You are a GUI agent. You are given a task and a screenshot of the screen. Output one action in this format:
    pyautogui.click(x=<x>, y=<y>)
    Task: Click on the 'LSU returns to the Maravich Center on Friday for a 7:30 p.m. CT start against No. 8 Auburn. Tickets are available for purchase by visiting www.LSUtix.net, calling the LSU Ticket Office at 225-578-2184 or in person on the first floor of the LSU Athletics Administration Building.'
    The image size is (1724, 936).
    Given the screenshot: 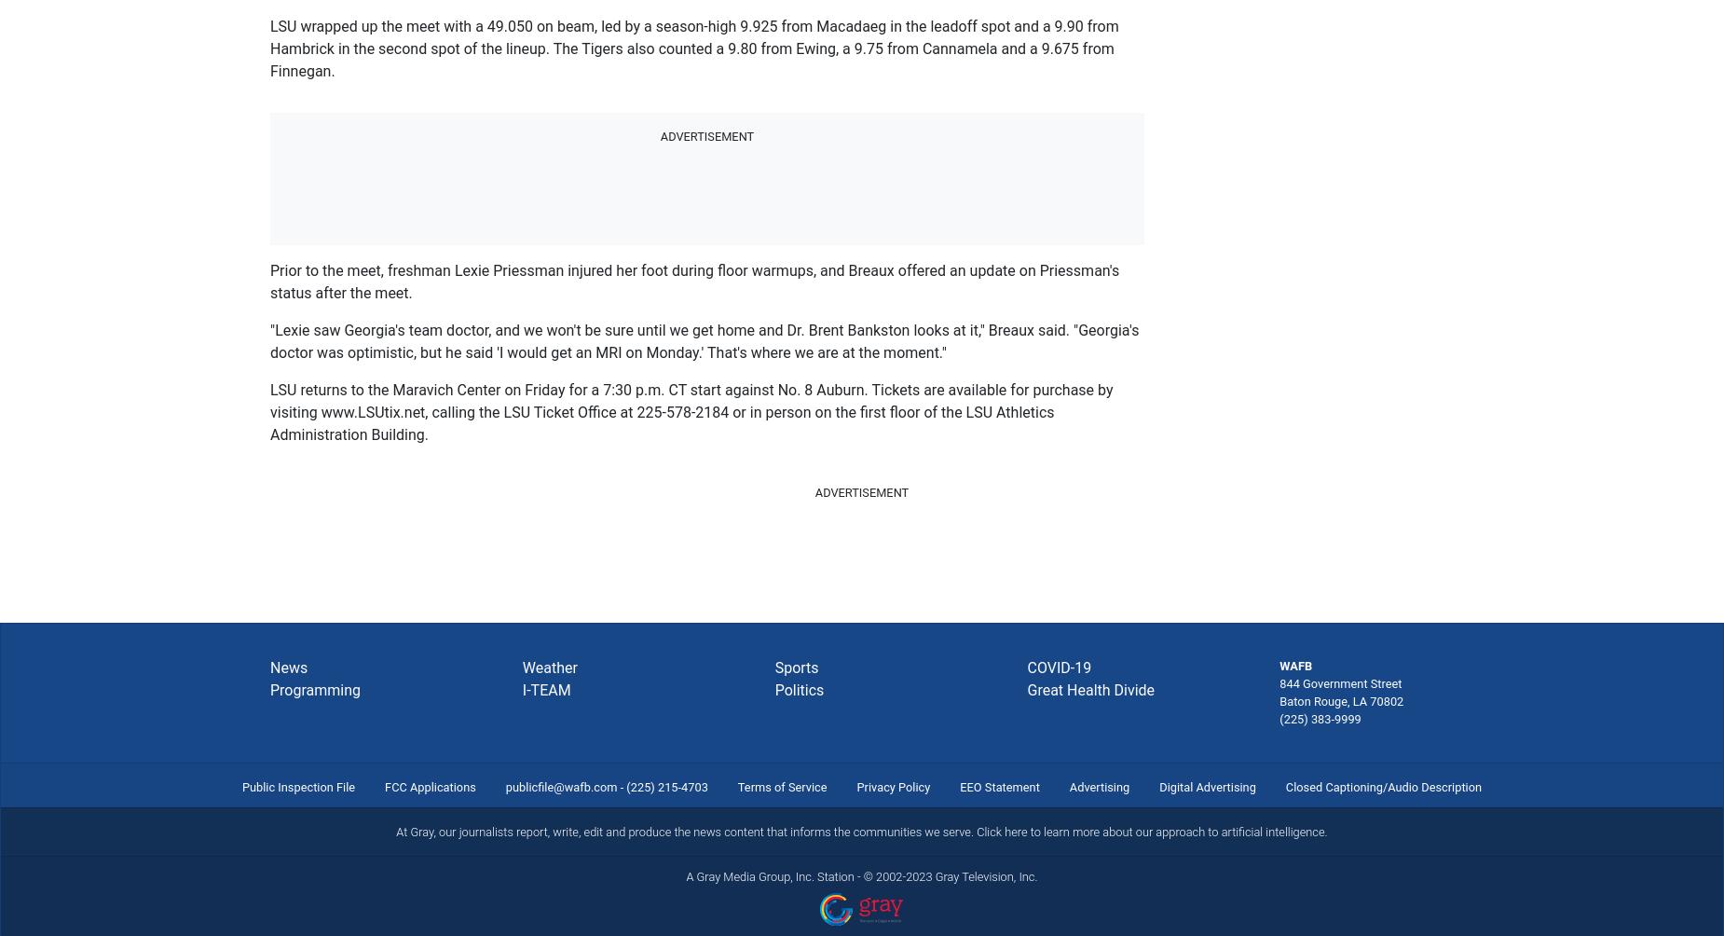 What is the action you would take?
    pyautogui.click(x=691, y=410)
    